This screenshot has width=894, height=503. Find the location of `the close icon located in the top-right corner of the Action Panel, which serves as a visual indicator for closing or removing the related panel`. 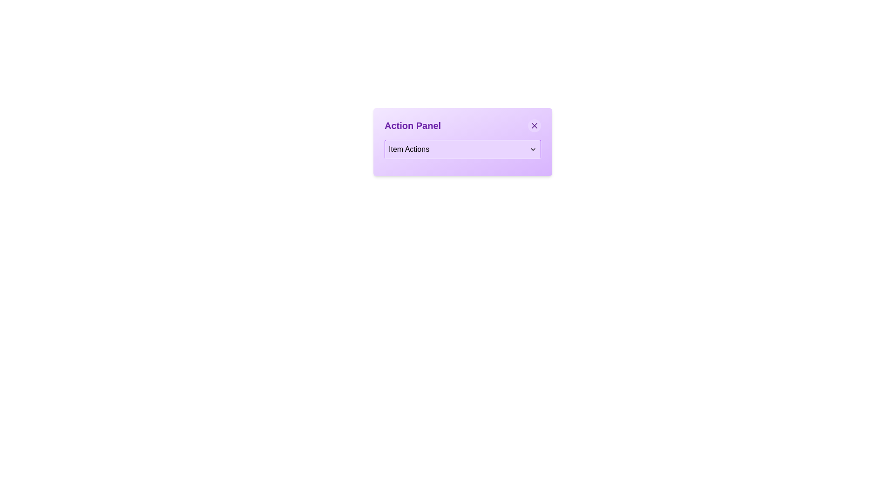

the close icon located in the top-right corner of the Action Panel, which serves as a visual indicator for closing or removing the related panel is located at coordinates (534, 126).